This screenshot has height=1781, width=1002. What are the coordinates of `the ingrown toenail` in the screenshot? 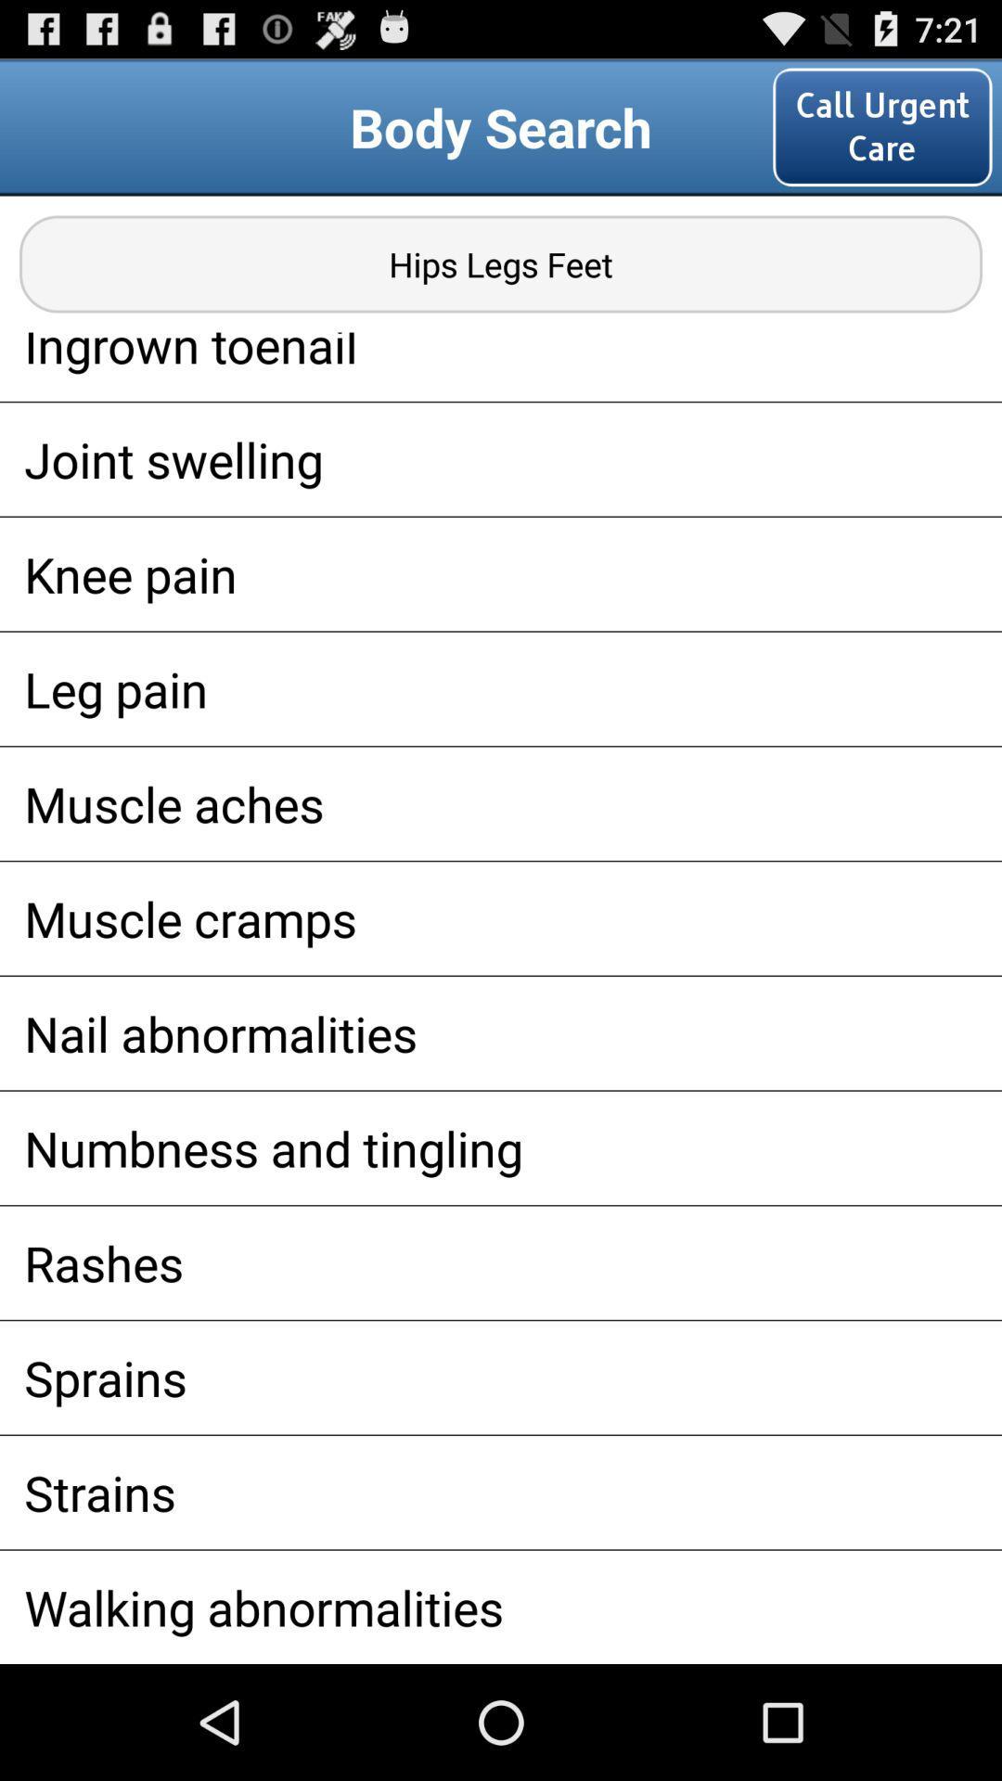 It's located at (501, 366).